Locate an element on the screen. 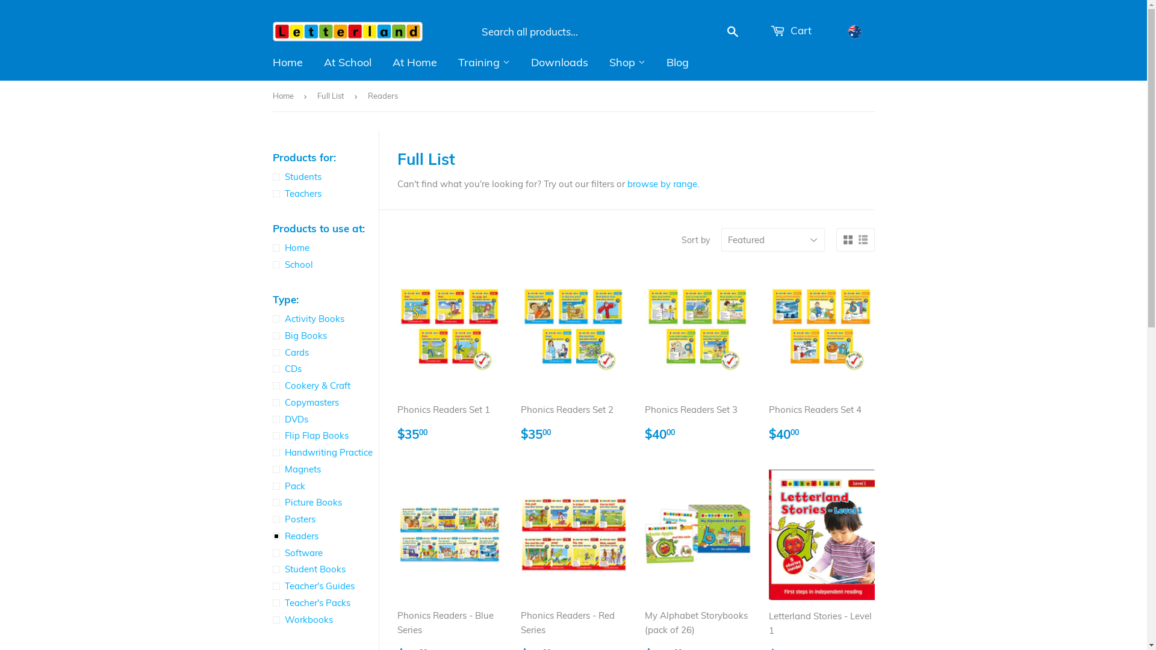 The width and height of the screenshot is (1156, 650). 'School' is located at coordinates (325, 264).